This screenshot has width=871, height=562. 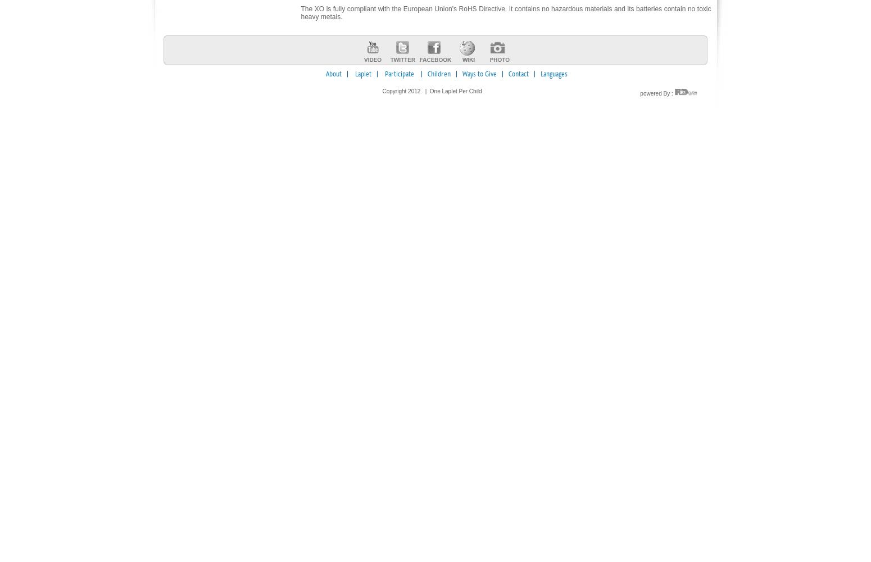 I want to click on 'The XO is fully compliant with the European Union's RoHS Directive. It contains no hazardous materials and its batteries contain no toxic heavy metals.', so click(x=505, y=13).